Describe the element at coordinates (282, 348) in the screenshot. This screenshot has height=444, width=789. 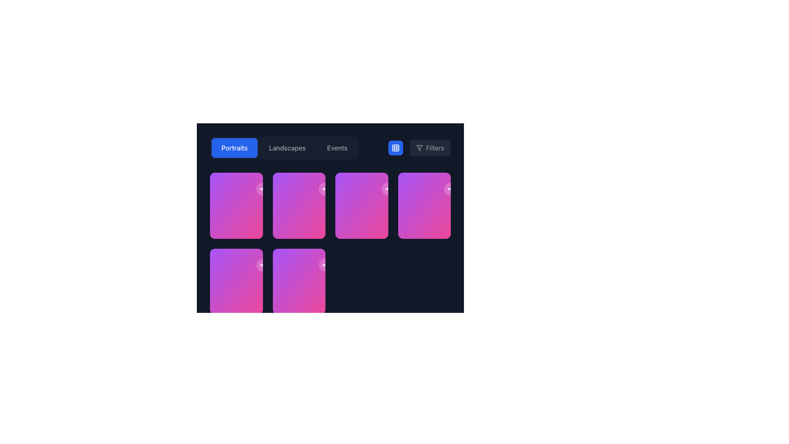
I see `the heart icon element, which serves as a 'like' or 'favorite' symbol, using keyboard navigation` at that location.